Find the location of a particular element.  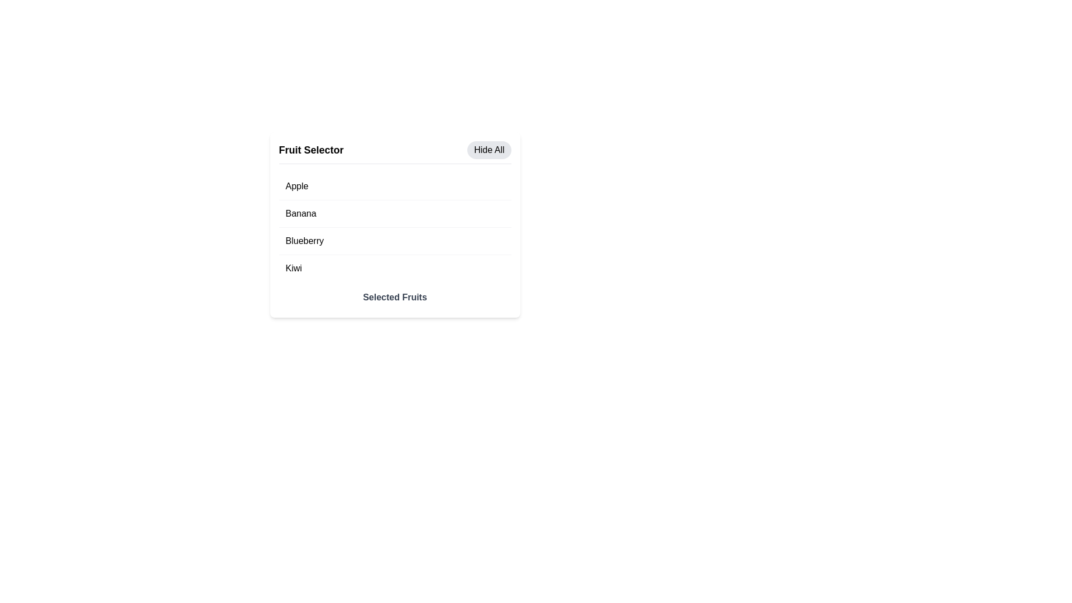

the Text label that serves as the title for the fruit selection interface, located at the top-left corner of its containing section, aligned with the 'Hide All' button is located at coordinates (311, 150).